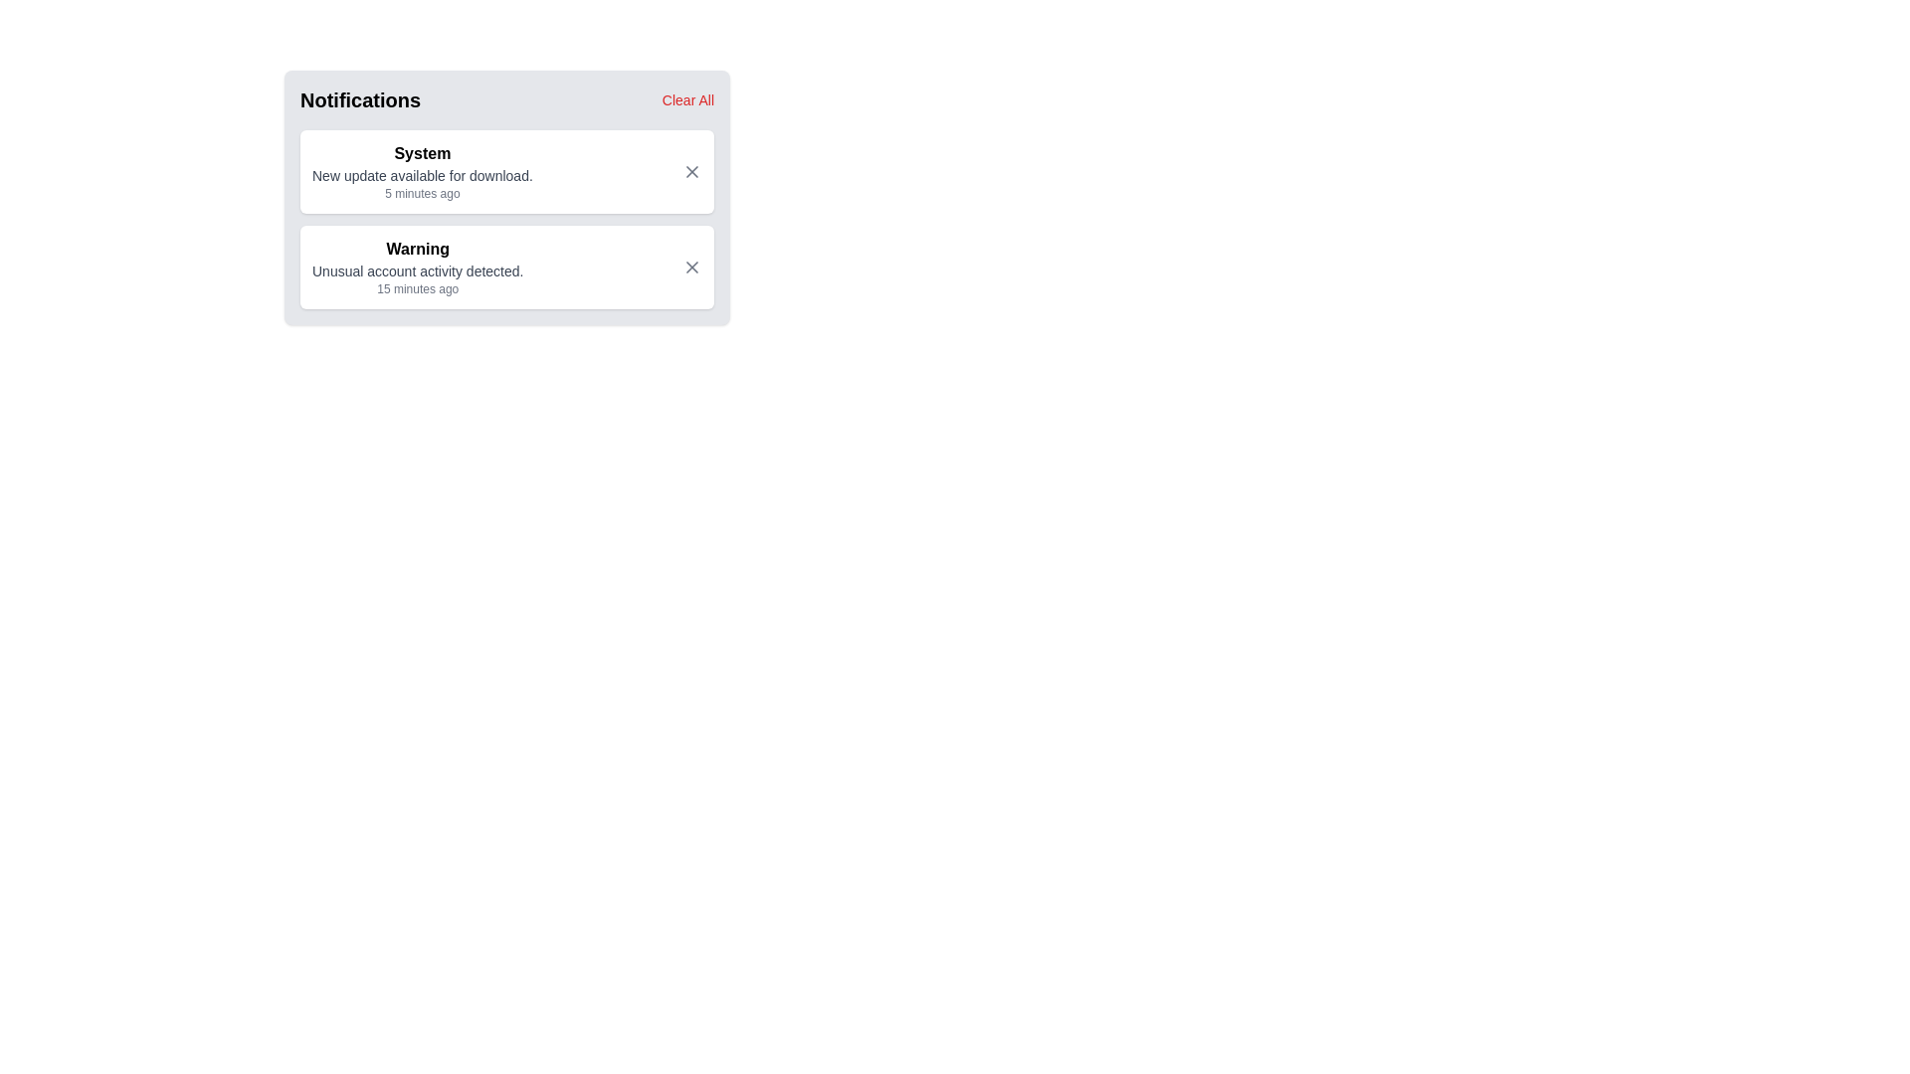 The image size is (1910, 1074). Describe the element at coordinates (421, 152) in the screenshot. I see `the bold 'System' text label located at the top of the first notification card in the 'Notifications' section` at that location.